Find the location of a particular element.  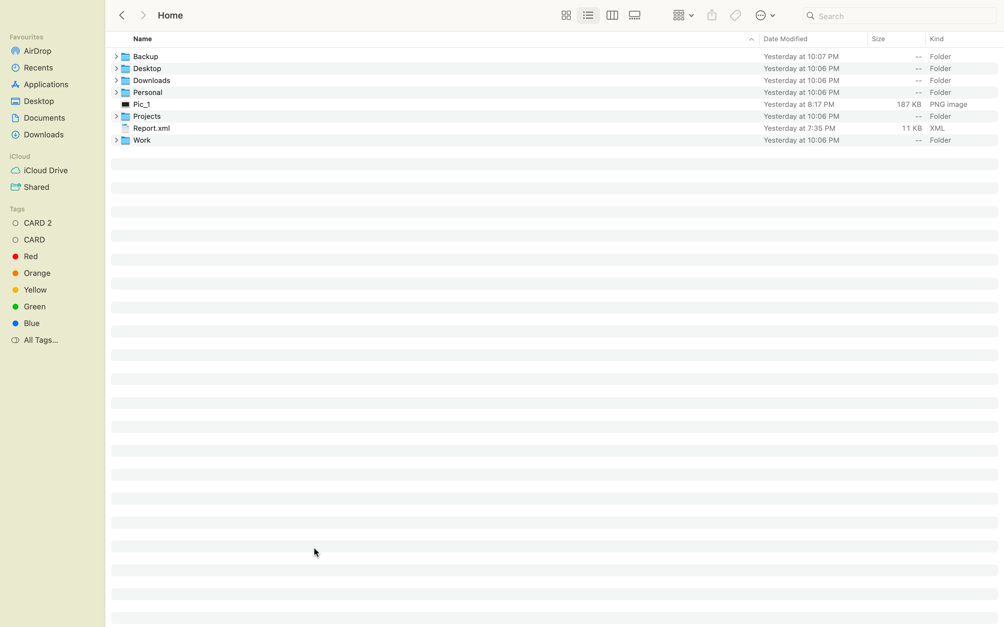

Enter into the Work folder and then retreat to the formerly accessed folder is located at coordinates (561, 139).